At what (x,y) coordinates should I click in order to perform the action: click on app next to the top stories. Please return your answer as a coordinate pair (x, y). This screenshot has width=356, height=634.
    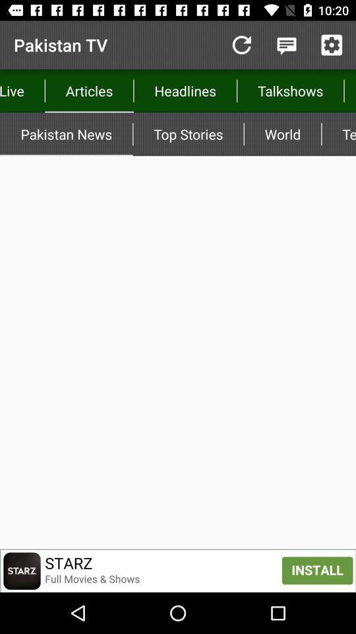
    Looking at the image, I should click on (65, 134).